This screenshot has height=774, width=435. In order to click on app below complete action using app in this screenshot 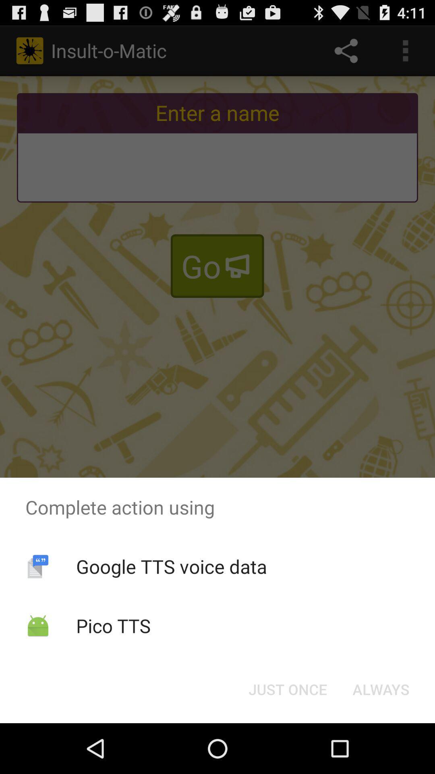, I will do `click(171, 566)`.